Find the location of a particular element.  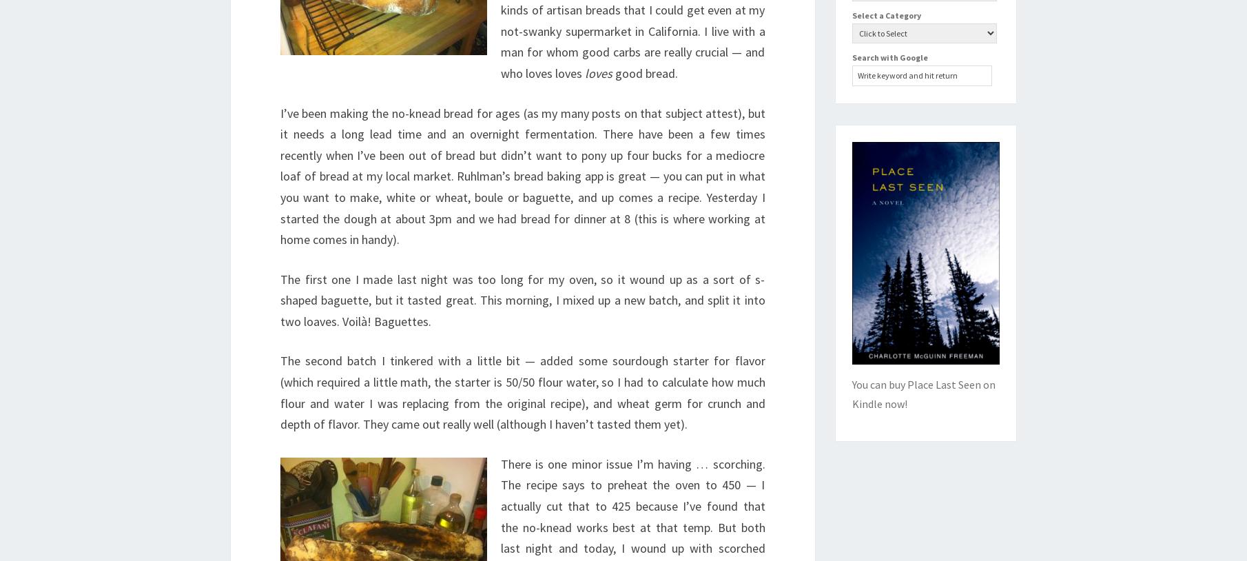

'loves' is located at coordinates (597, 72).